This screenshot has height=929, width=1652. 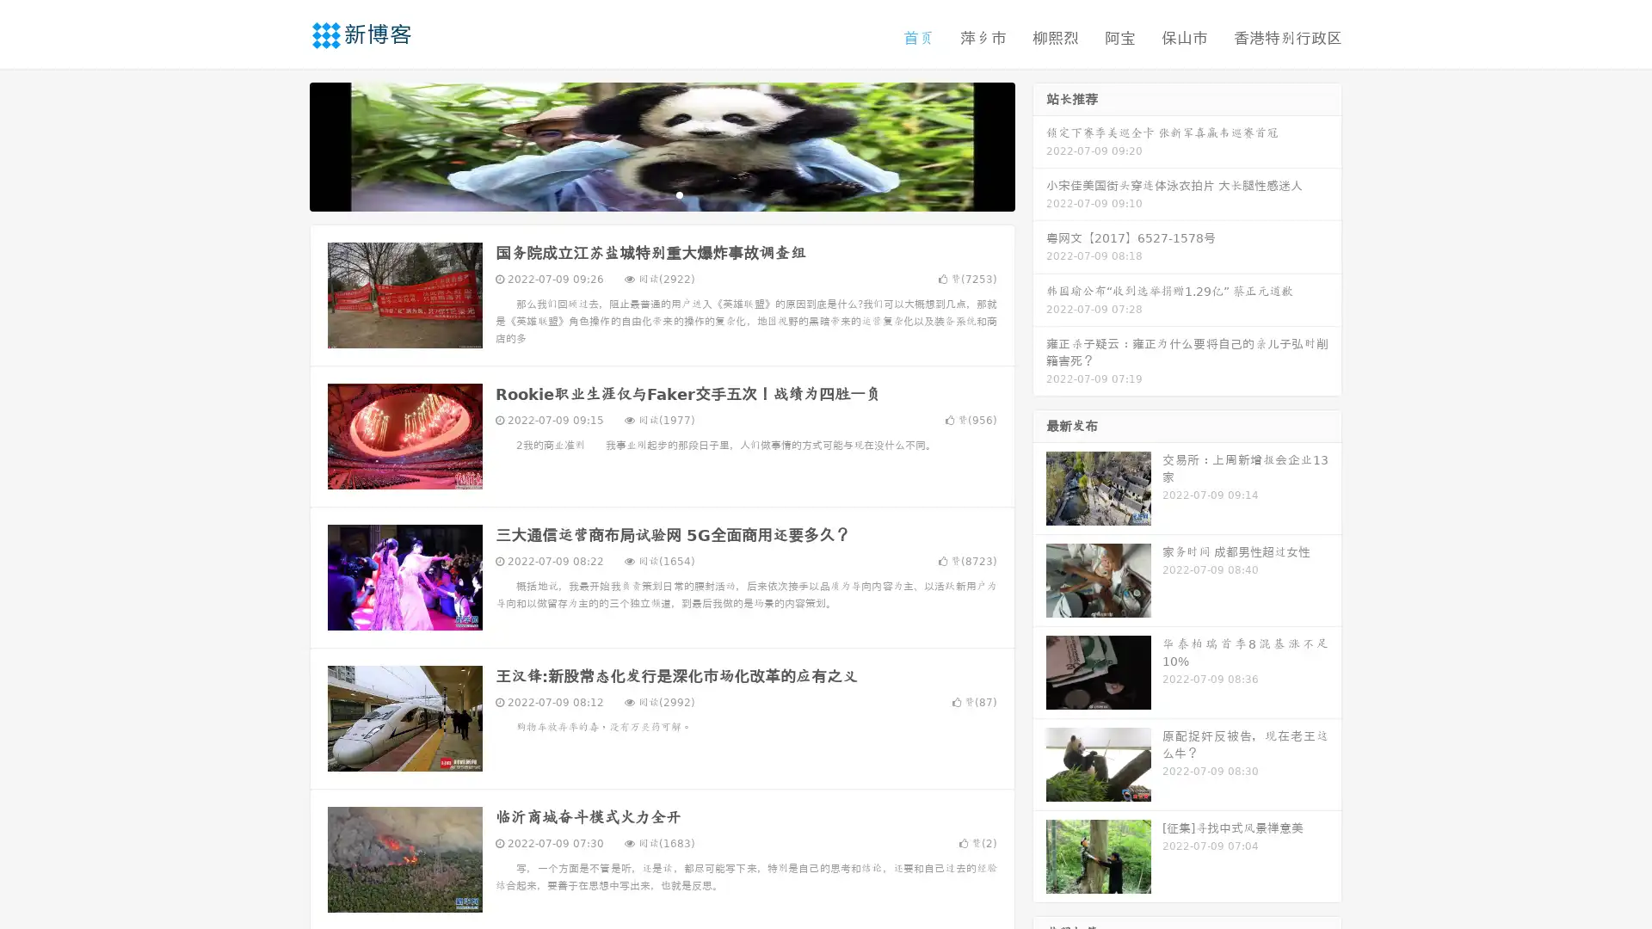 I want to click on Go to slide 3, so click(x=679, y=194).